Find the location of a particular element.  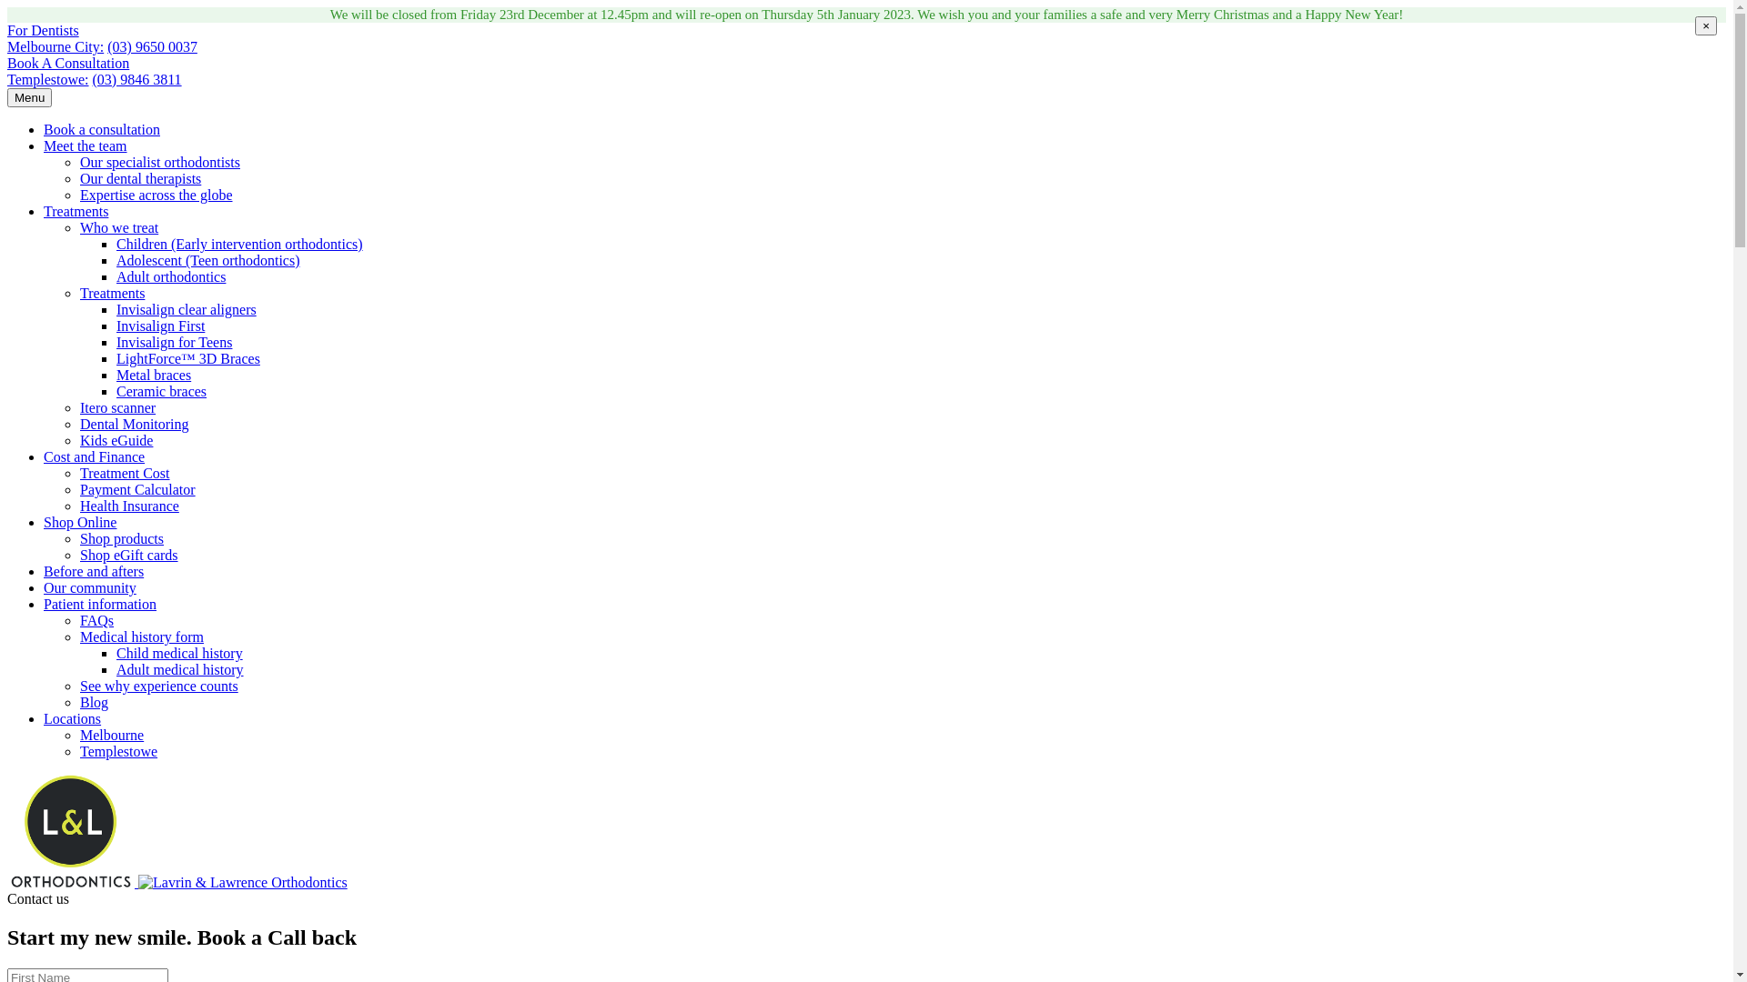

'Children (Early intervention orthodontics)' is located at coordinates (238, 243).